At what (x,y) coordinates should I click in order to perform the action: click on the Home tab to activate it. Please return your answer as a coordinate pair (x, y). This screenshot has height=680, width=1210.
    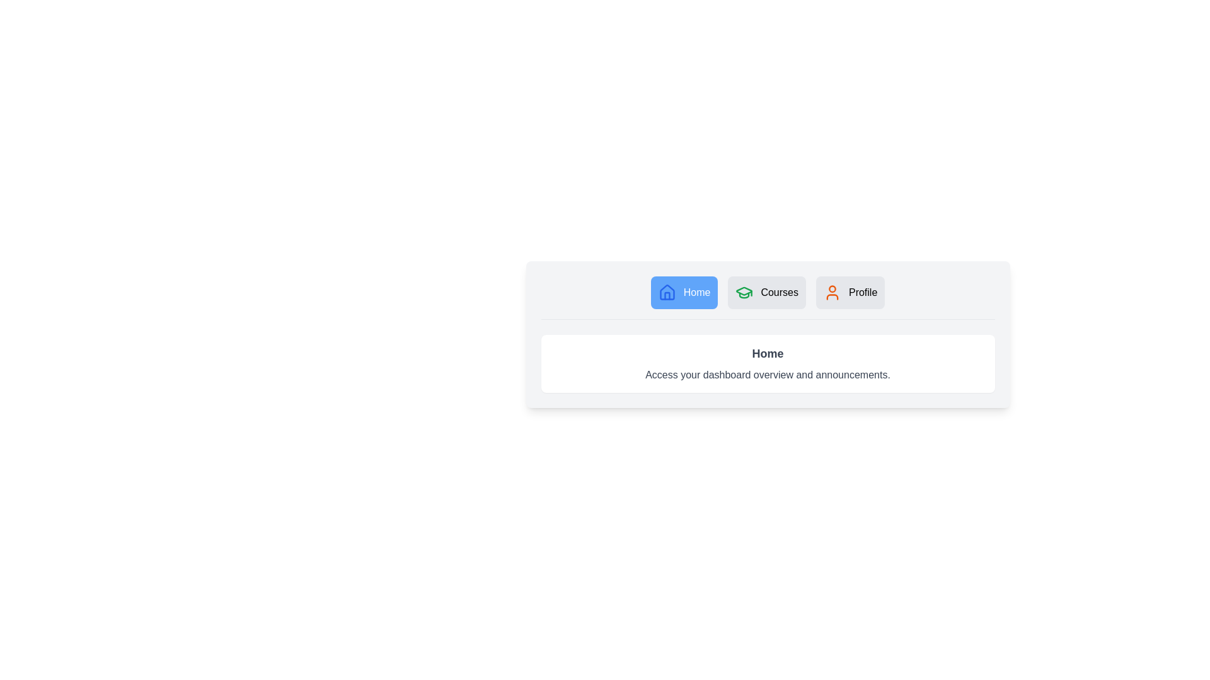
    Looking at the image, I should click on (683, 293).